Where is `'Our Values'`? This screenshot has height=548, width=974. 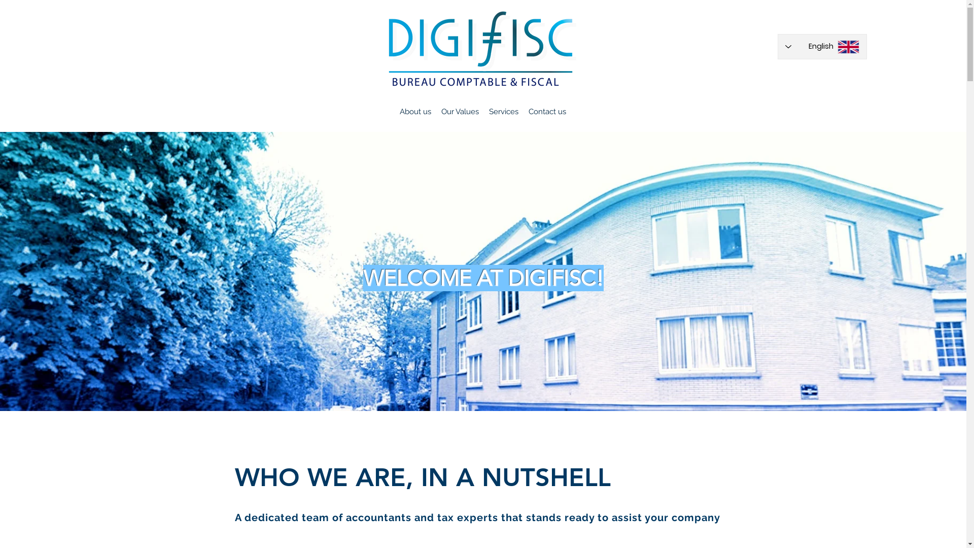 'Our Values' is located at coordinates (460, 111).